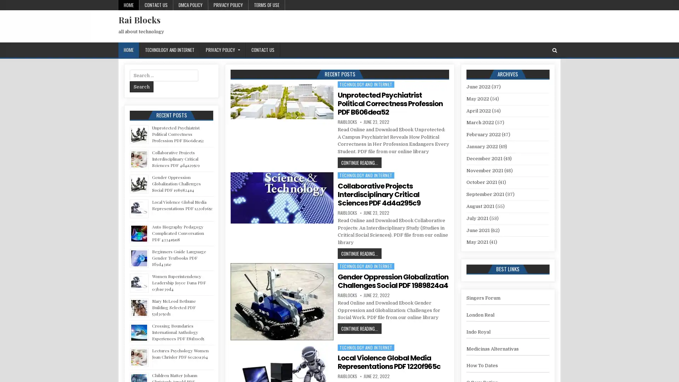  I want to click on Search, so click(141, 86).